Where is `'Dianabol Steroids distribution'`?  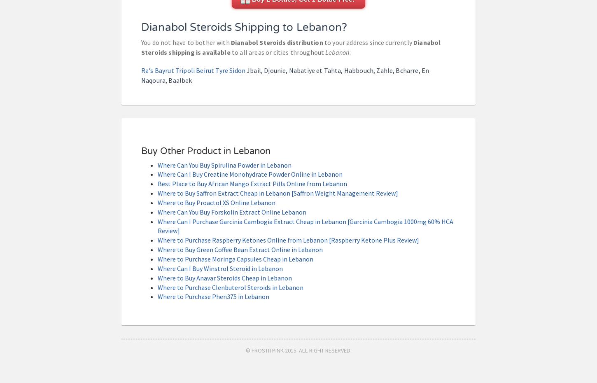 'Dianabol Steroids distribution' is located at coordinates (276, 42).